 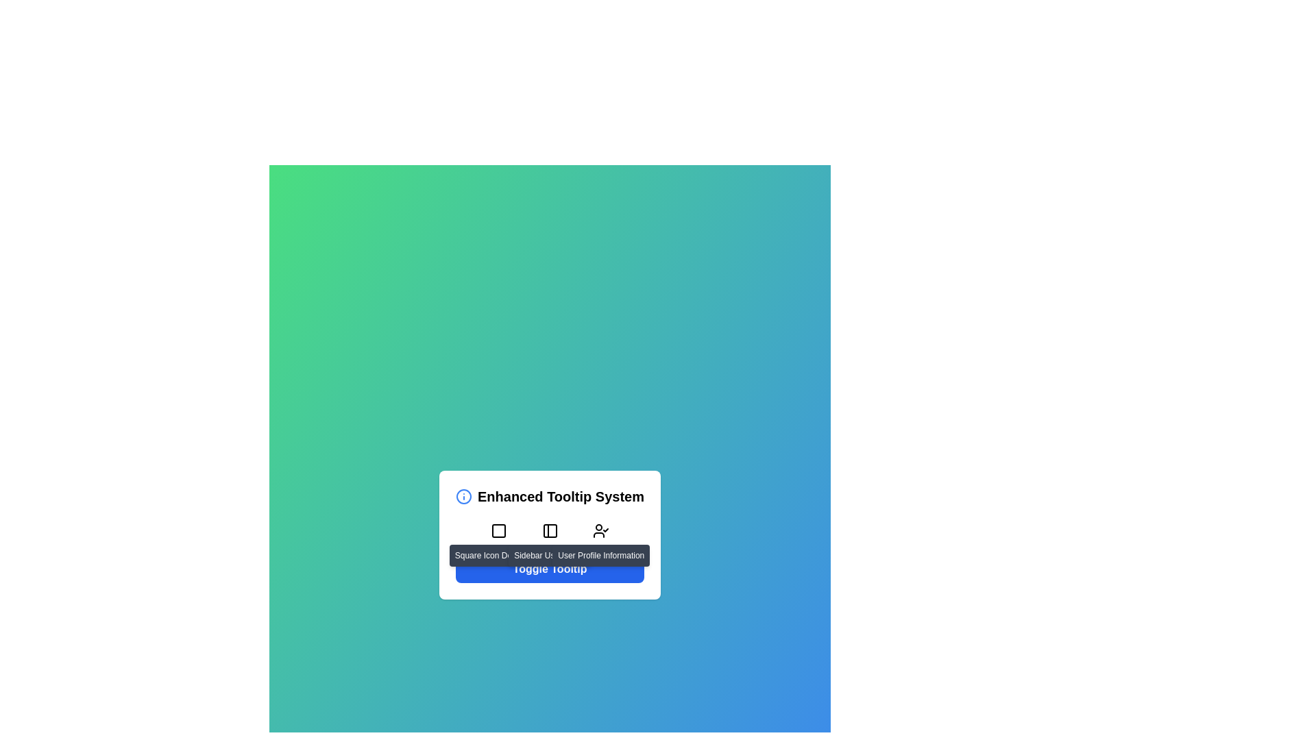 What do you see at coordinates (463, 497) in the screenshot?
I see `the information icon located to the left of the 'Enhanced Tooltip System' label, which provides additional details related to the tooltip system` at bounding box center [463, 497].